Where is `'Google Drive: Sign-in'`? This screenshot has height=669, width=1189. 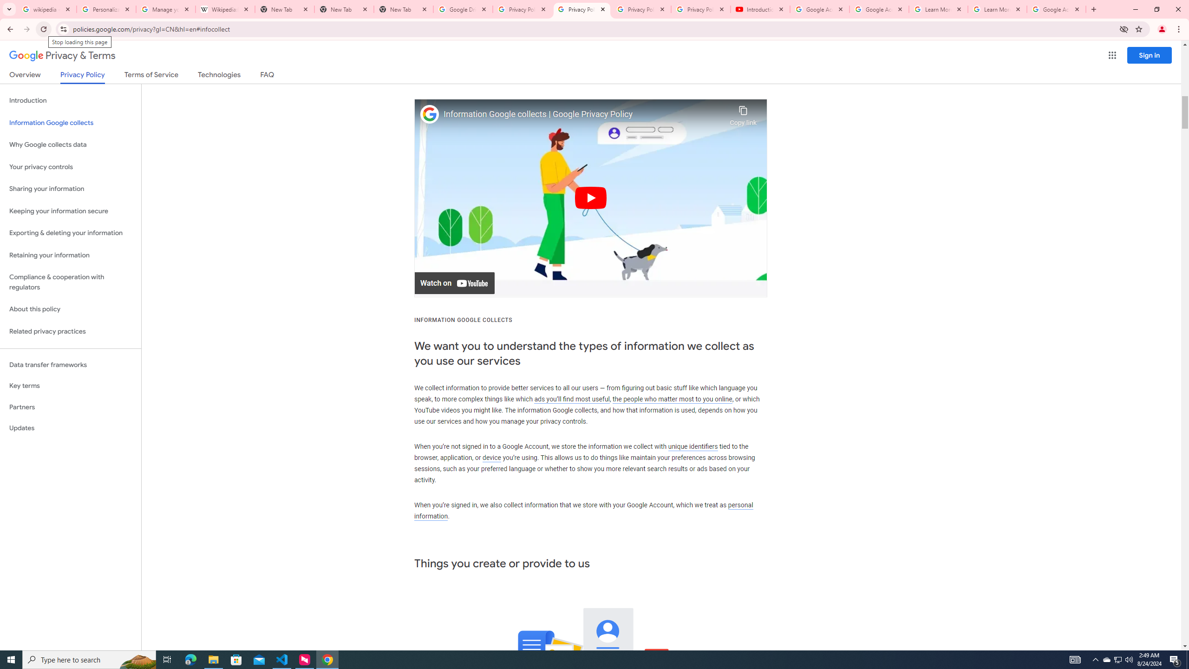 'Google Drive: Sign-in' is located at coordinates (463, 9).